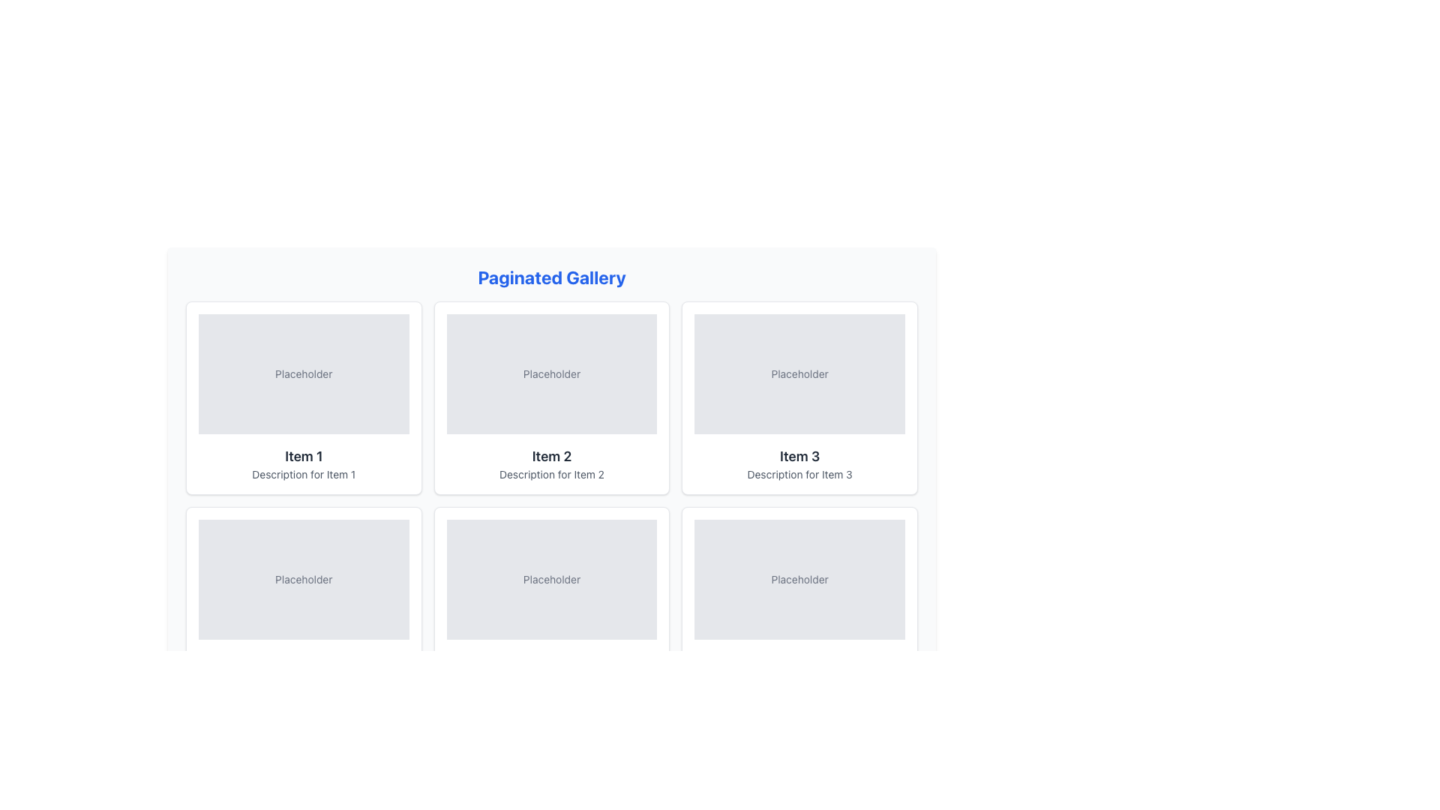 This screenshot has height=810, width=1440. What do you see at coordinates (550, 578) in the screenshot?
I see `the text label displaying 'Placeholder' in a small gray font, located at the center-bottom of the middle card in the second row of a grid layout` at bounding box center [550, 578].